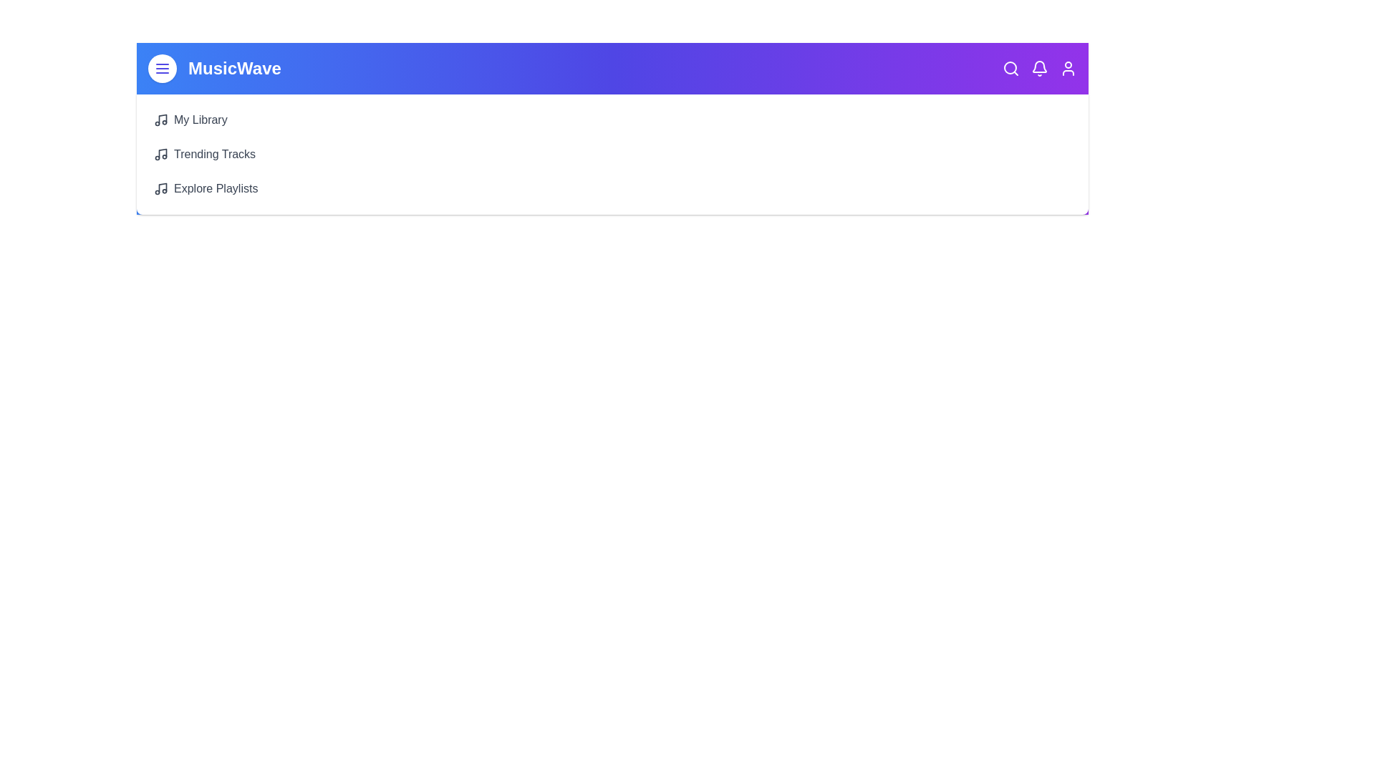  Describe the element at coordinates (205, 188) in the screenshot. I see `the 'Explore Playlists' button to browse playlists` at that location.